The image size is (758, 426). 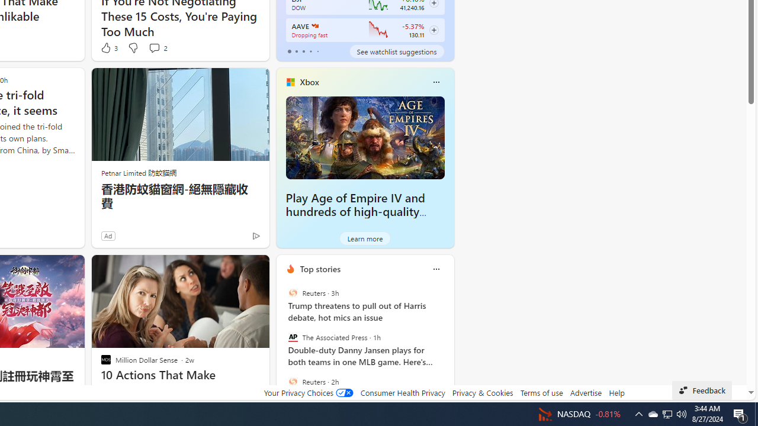 I want to click on 'Consumer Health Privacy', so click(x=403, y=392).